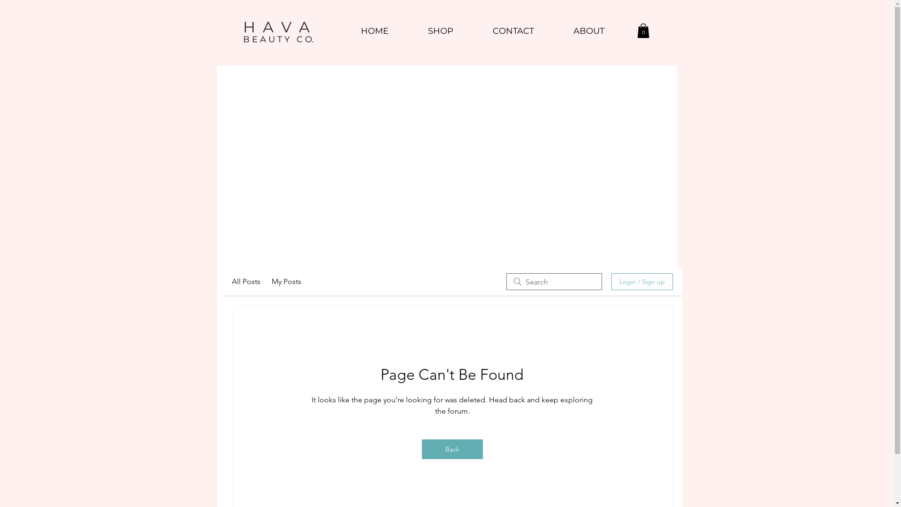 The height and width of the screenshot is (507, 901). I want to click on 'ABOUT', so click(588, 31).